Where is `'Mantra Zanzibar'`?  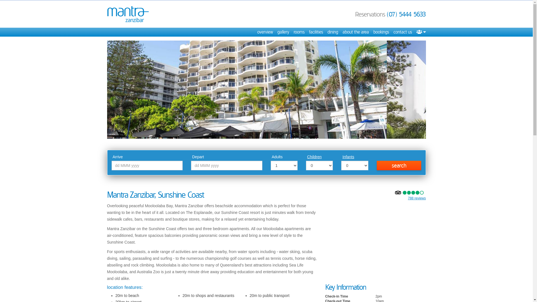 'Mantra Zanzibar' is located at coordinates (127, 13).